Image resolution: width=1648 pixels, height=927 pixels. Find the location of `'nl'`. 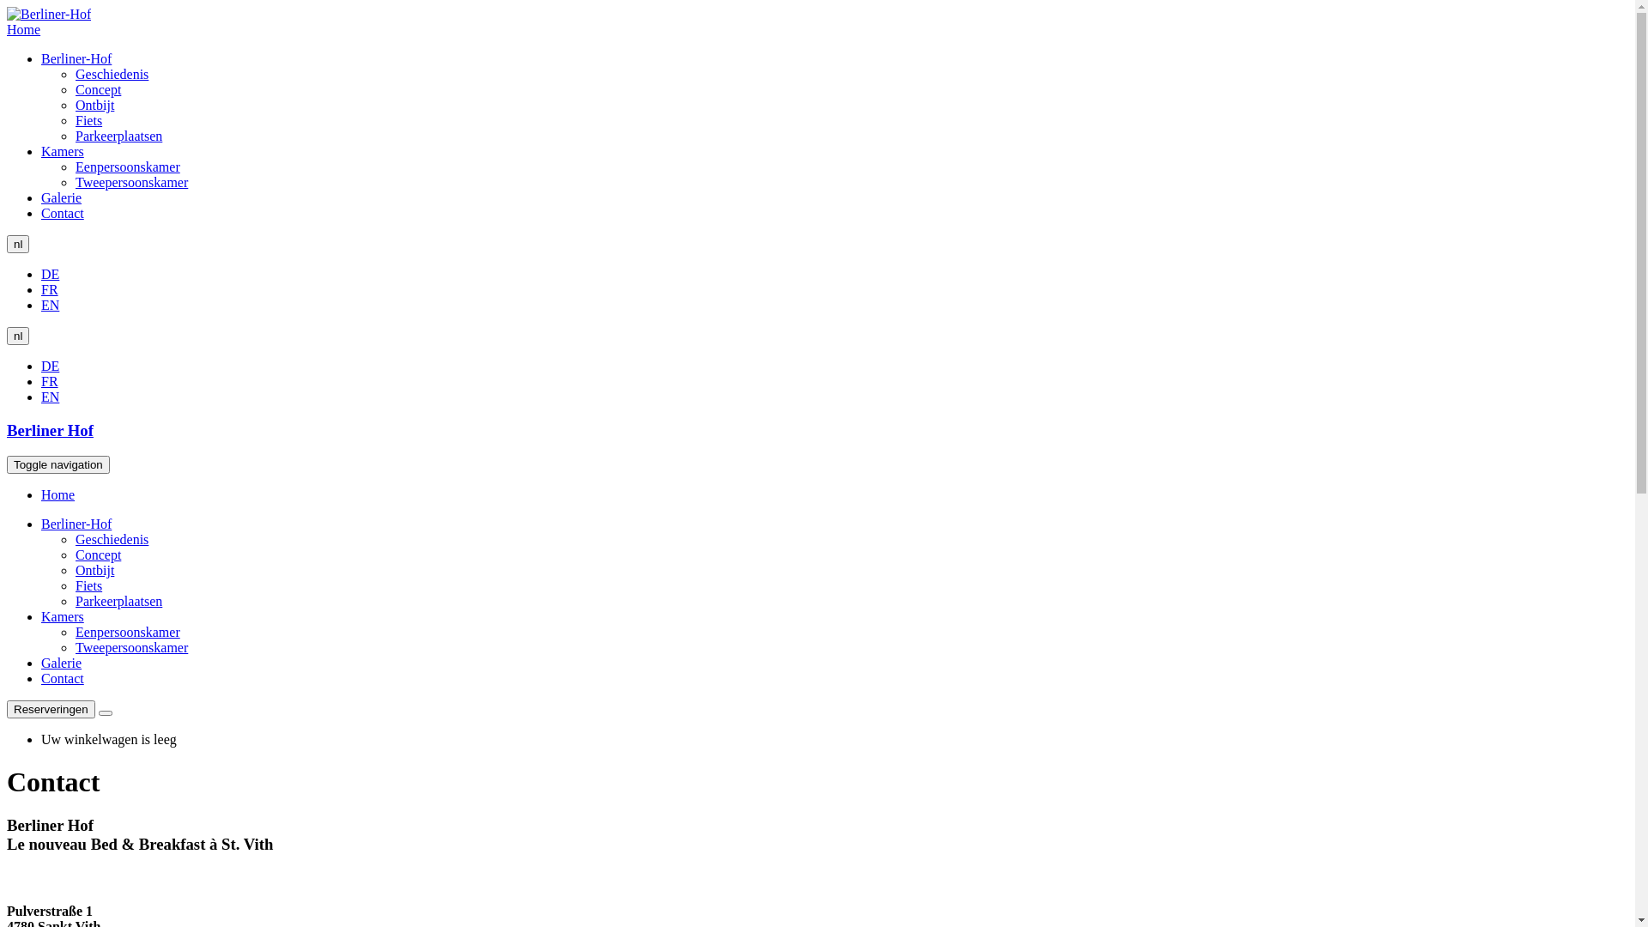

'nl' is located at coordinates (7, 336).